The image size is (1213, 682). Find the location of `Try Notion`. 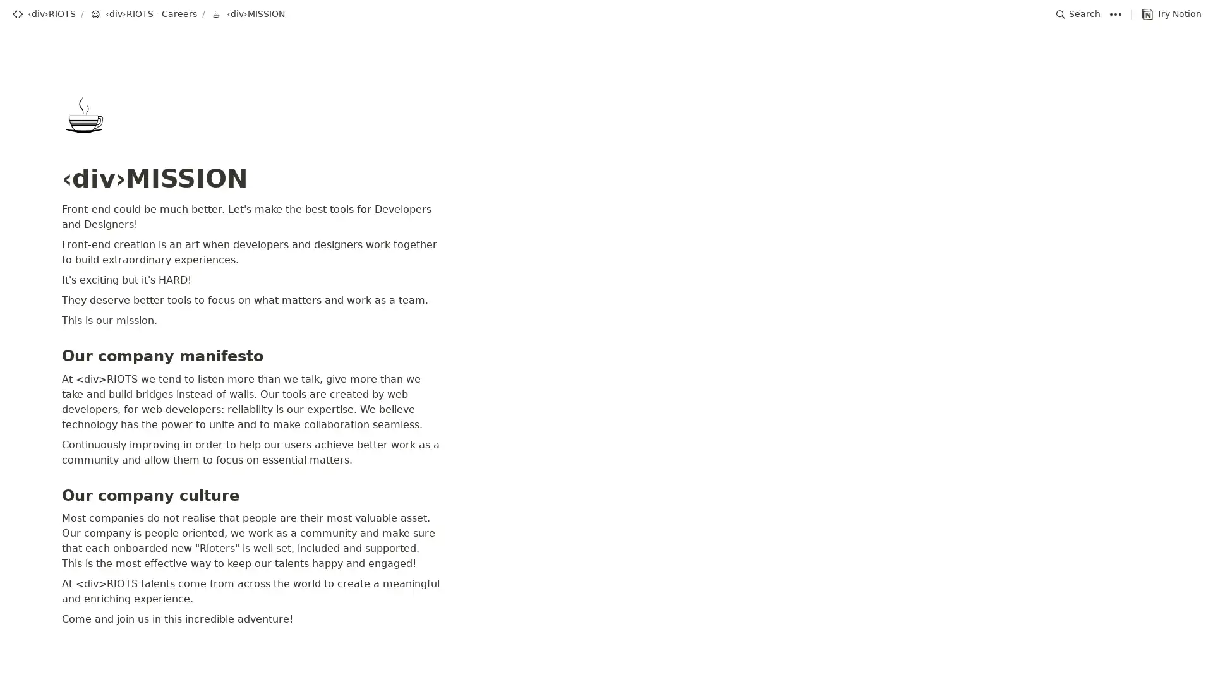

Try Notion is located at coordinates (1171, 14).